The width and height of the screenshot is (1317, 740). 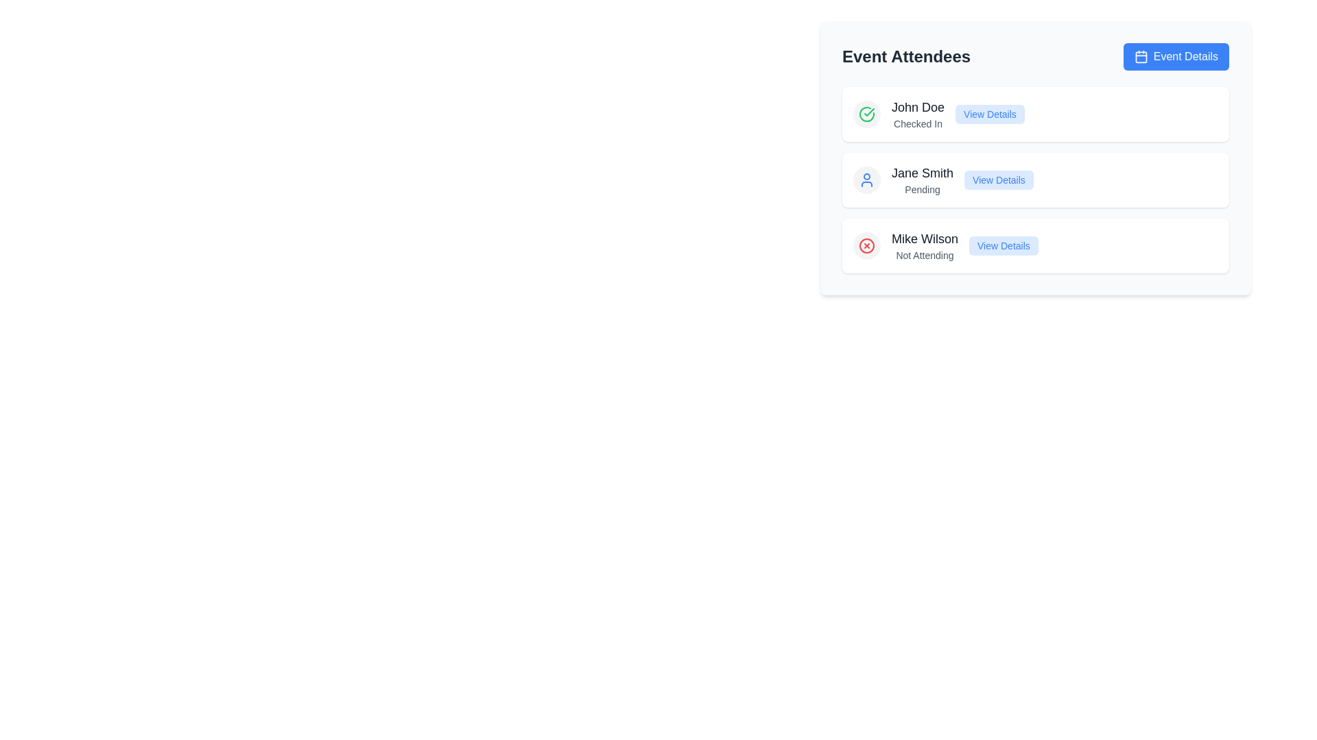 I want to click on the text label indicating the status of 'Jane Smith', which currently displays 'Pending', so click(x=922, y=190).